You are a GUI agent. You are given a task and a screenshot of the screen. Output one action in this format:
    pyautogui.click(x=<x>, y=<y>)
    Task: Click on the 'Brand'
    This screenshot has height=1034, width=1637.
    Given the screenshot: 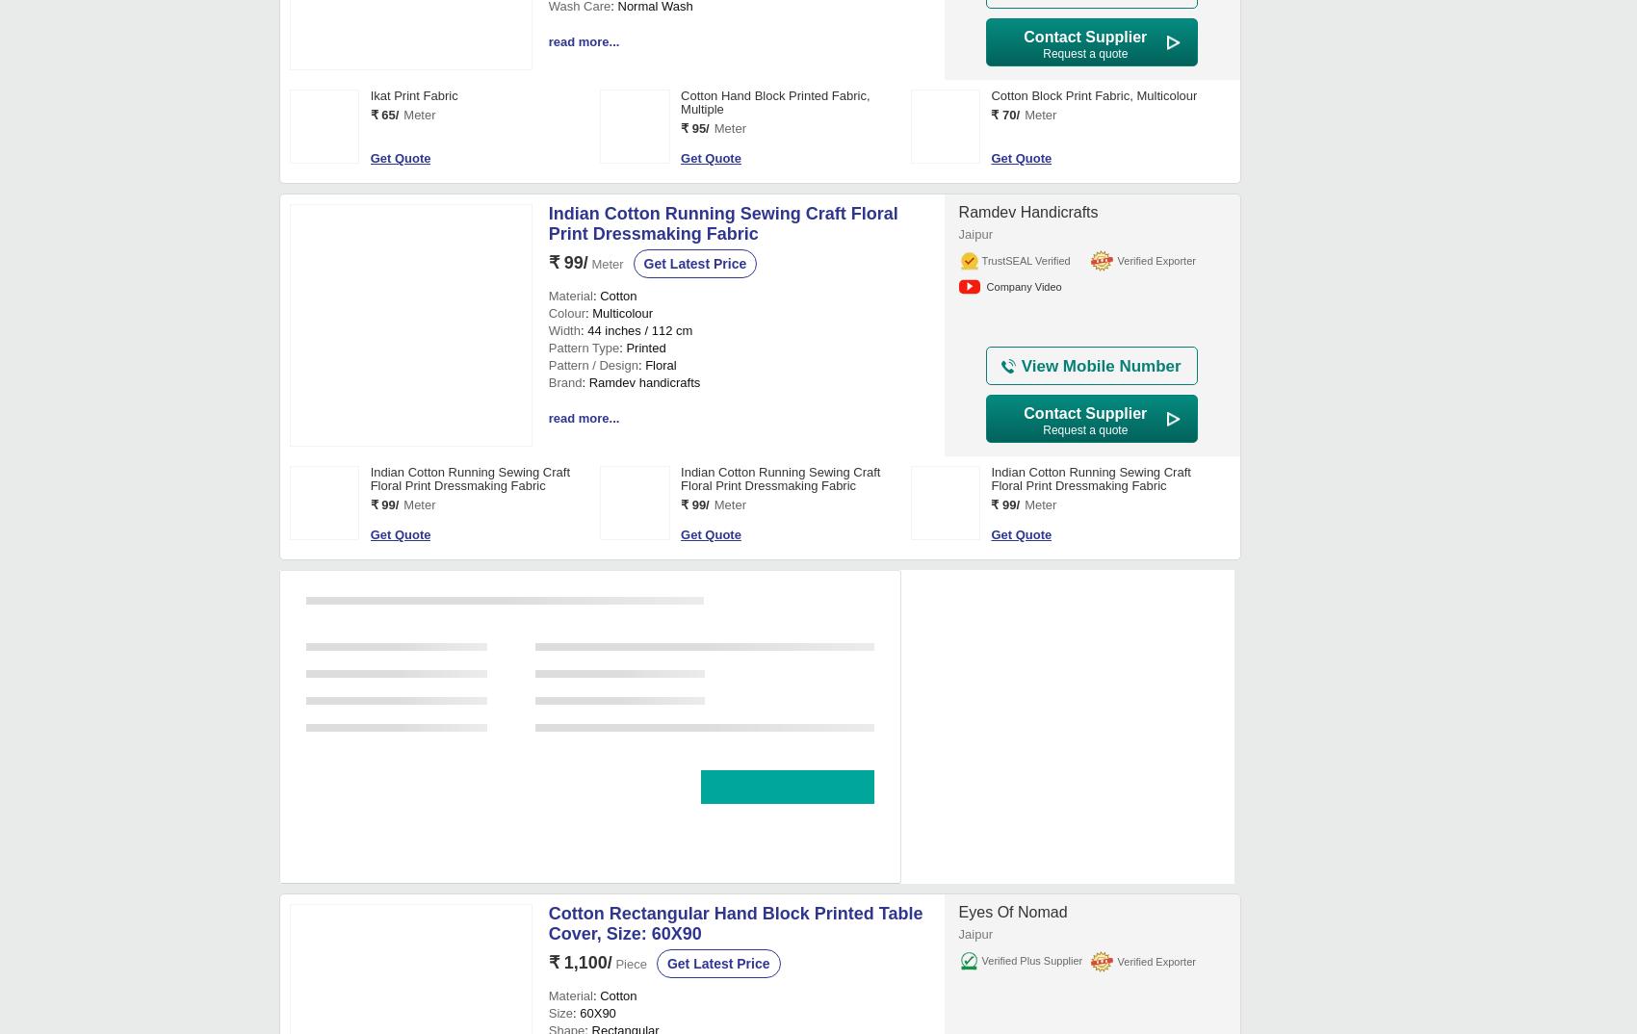 What is the action you would take?
    pyautogui.click(x=563, y=971)
    